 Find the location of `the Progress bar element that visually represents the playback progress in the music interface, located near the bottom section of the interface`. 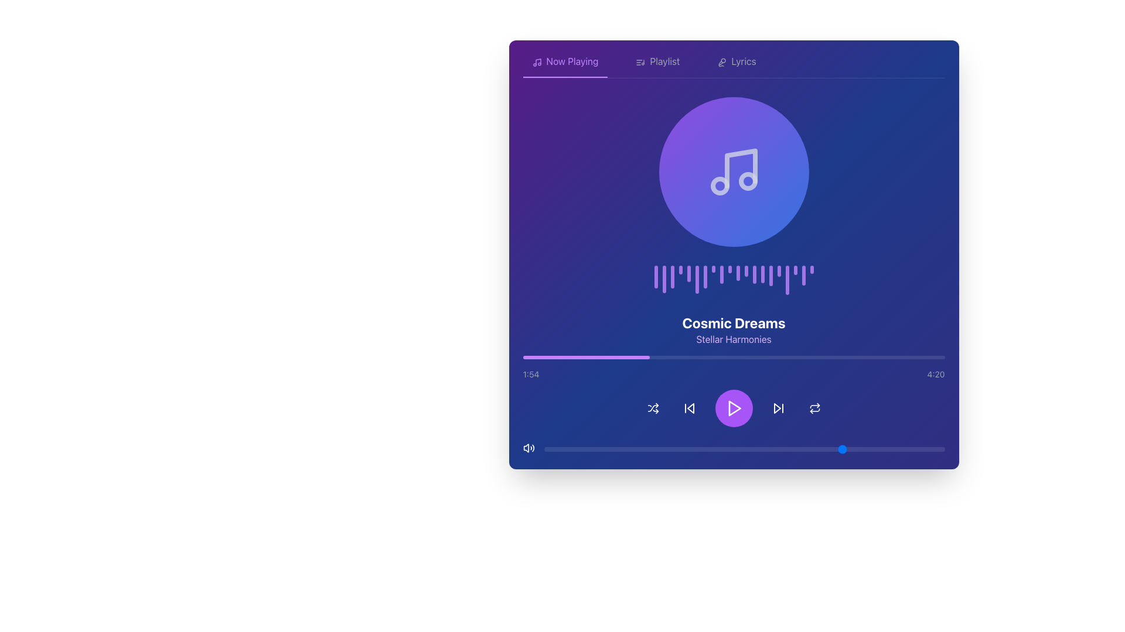

the Progress bar element that visually represents the playback progress in the music interface, located near the bottom section of the interface is located at coordinates (586, 356).